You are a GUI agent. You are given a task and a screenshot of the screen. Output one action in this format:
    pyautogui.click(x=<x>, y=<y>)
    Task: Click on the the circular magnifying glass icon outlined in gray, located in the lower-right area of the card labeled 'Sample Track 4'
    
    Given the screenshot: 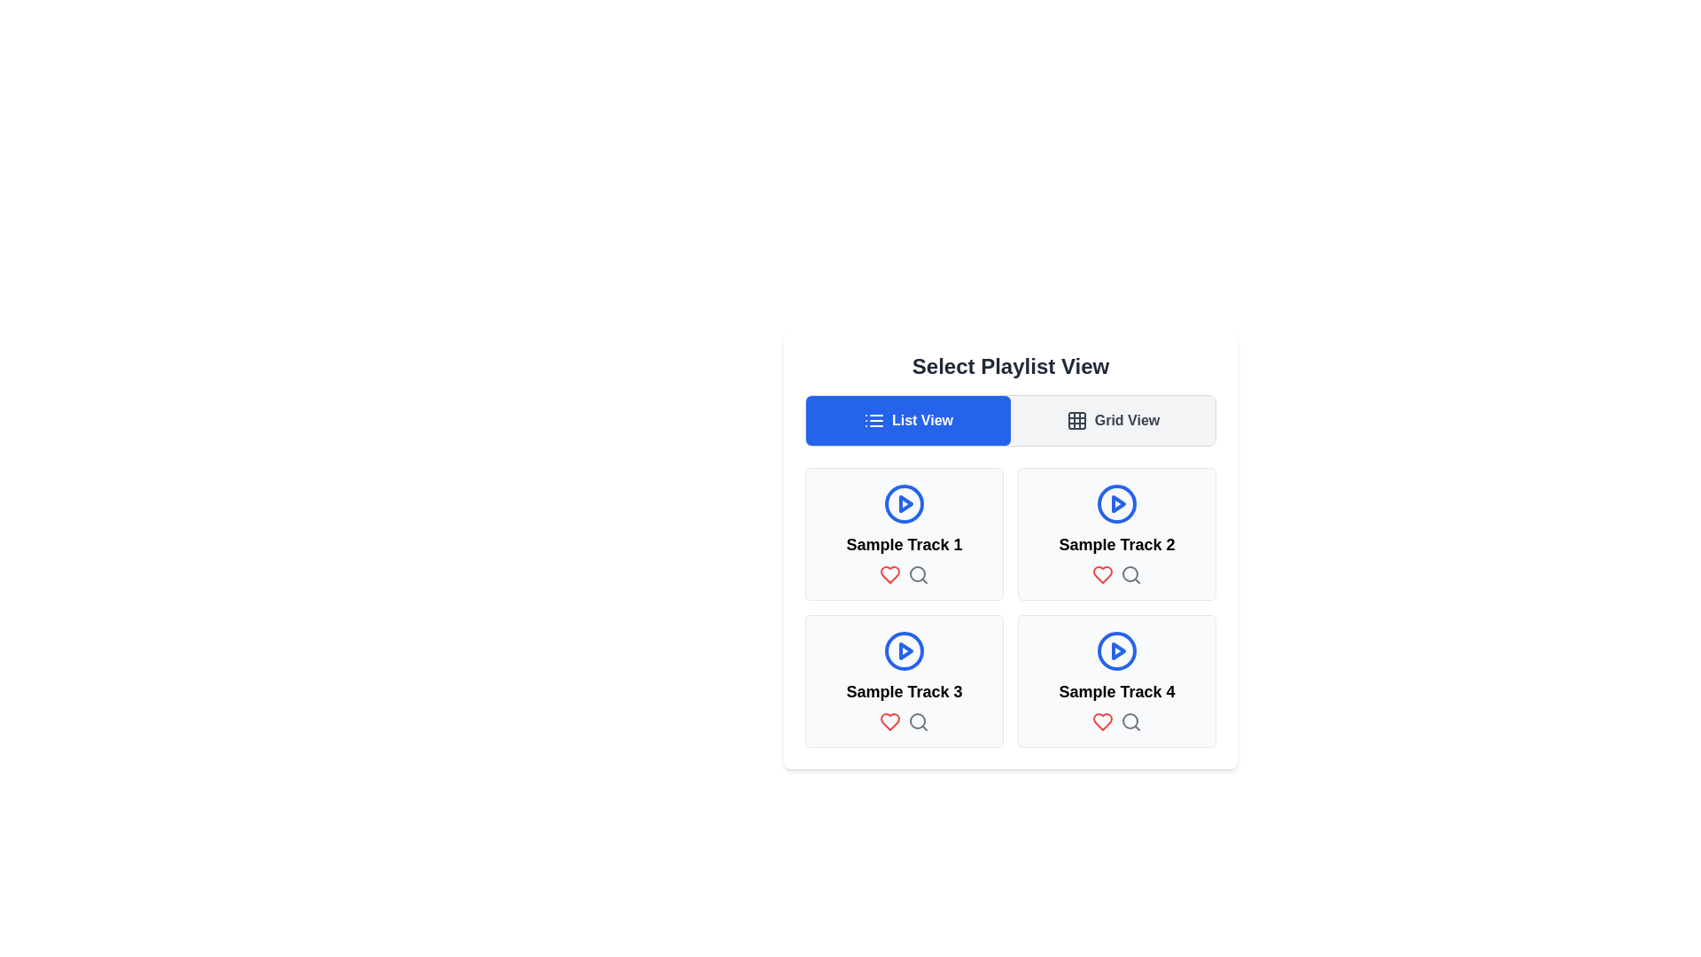 What is the action you would take?
    pyautogui.click(x=1130, y=721)
    